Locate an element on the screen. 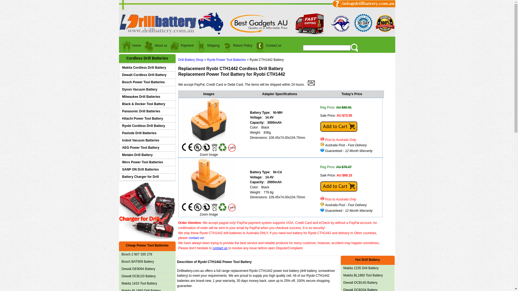 The width and height of the screenshot is (518, 291). 'Dewalt DCB140 Battery' is located at coordinates (367, 282).